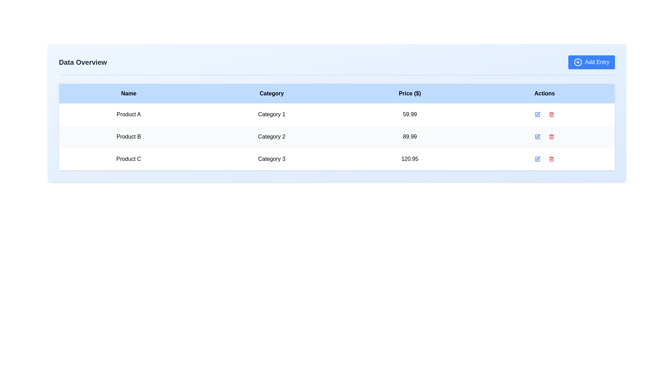  What do you see at coordinates (537, 159) in the screenshot?
I see `the blue edit icon, which is a pencil symbol located on the right side of the table's last row under the 'Actions' column, to initiate the edit action` at bounding box center [537, 159].